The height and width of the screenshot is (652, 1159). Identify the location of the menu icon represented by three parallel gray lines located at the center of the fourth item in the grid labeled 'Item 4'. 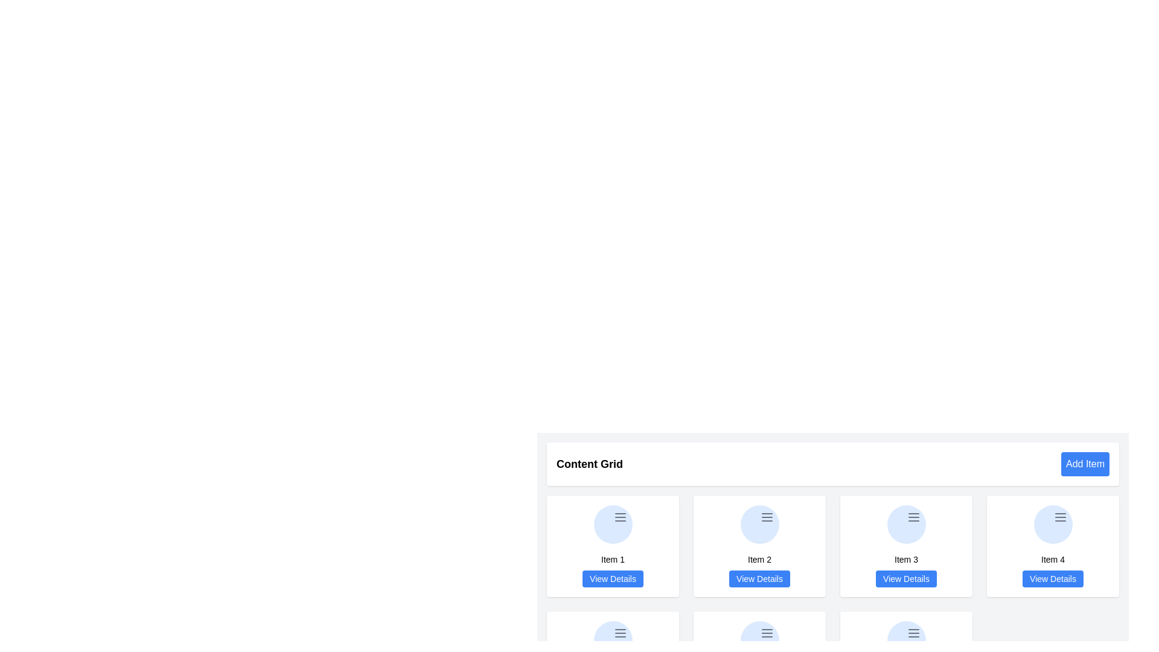
(766, 633).